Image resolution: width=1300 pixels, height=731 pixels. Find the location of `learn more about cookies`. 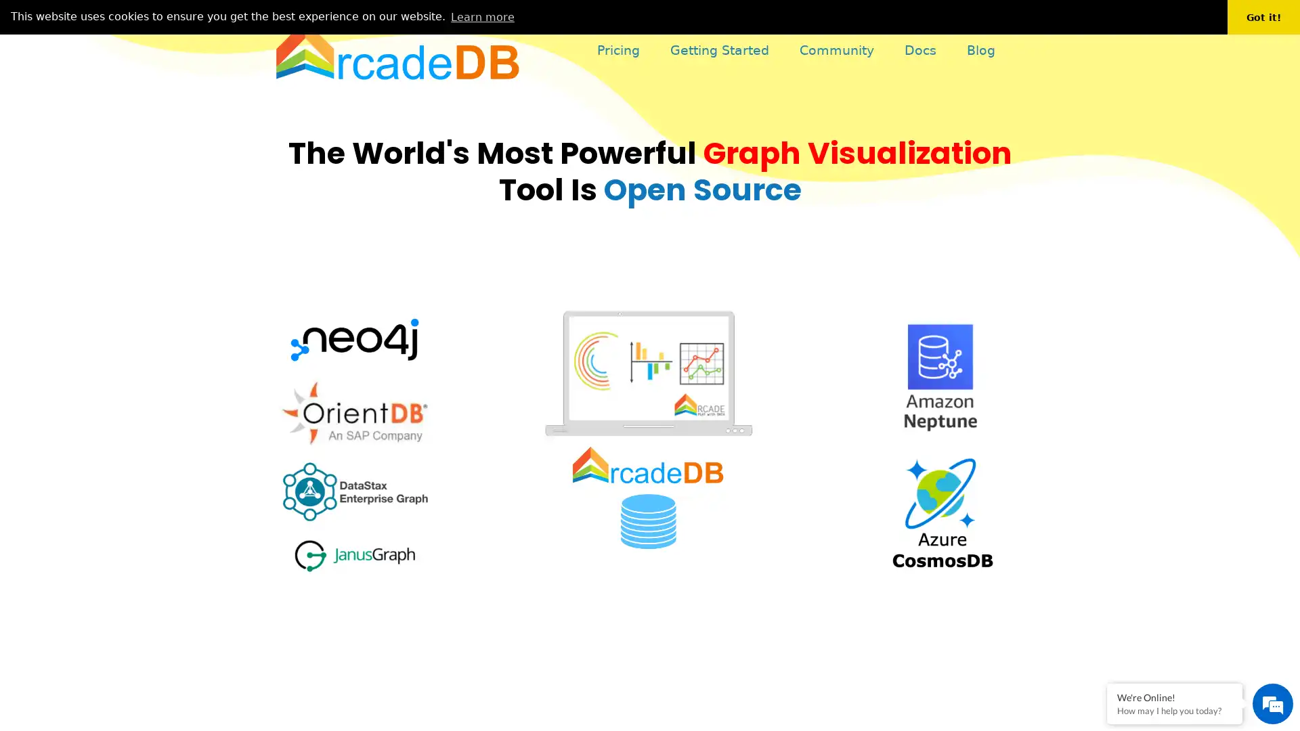

learn more about cookies is located at coordinates (483, 16).